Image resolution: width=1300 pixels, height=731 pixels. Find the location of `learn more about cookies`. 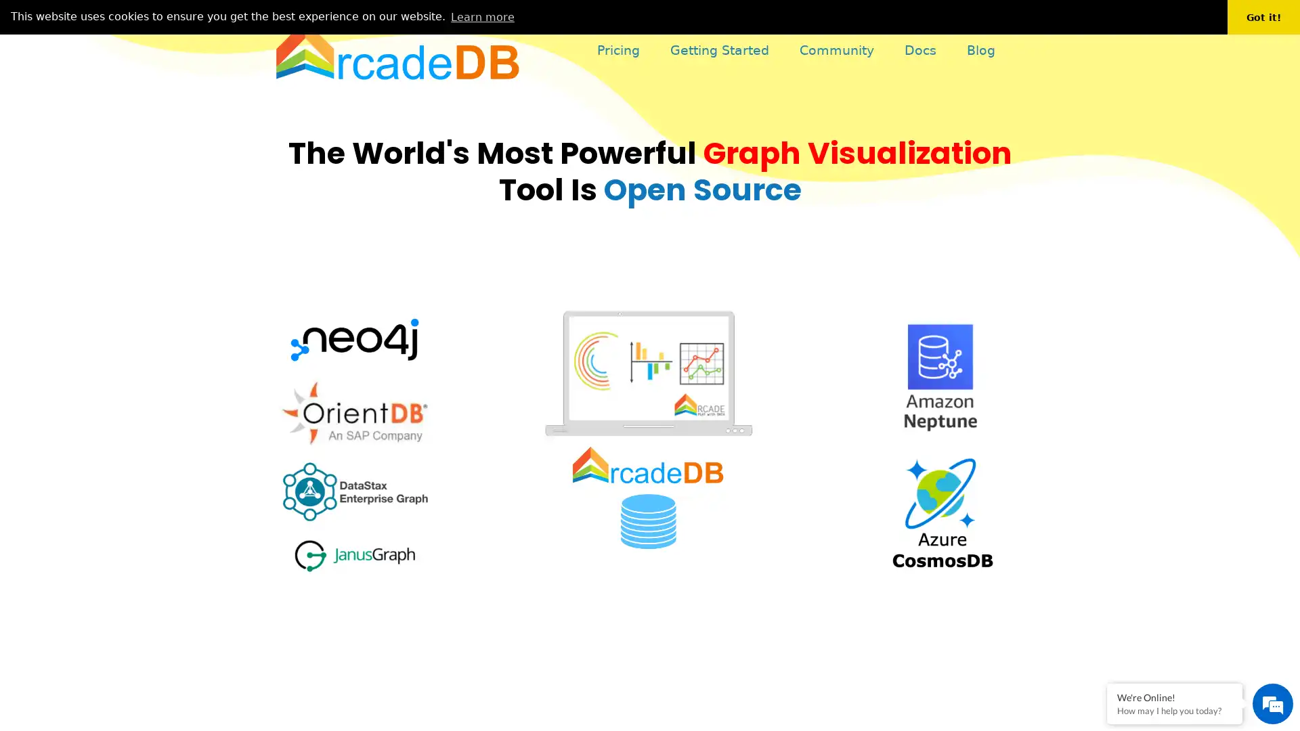

learn more about cookies is located at coordinates (483, 16).